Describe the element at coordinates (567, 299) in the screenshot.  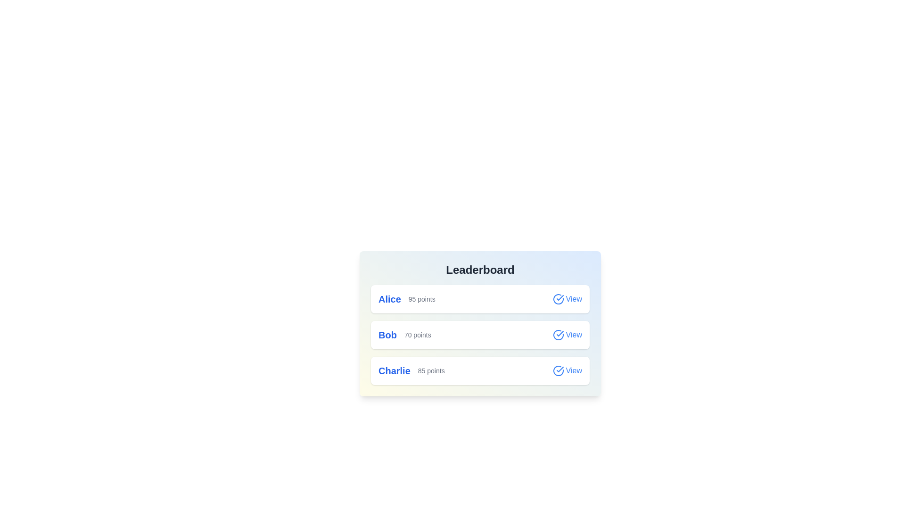
I see `'View' button for the participant Alice` at that location.